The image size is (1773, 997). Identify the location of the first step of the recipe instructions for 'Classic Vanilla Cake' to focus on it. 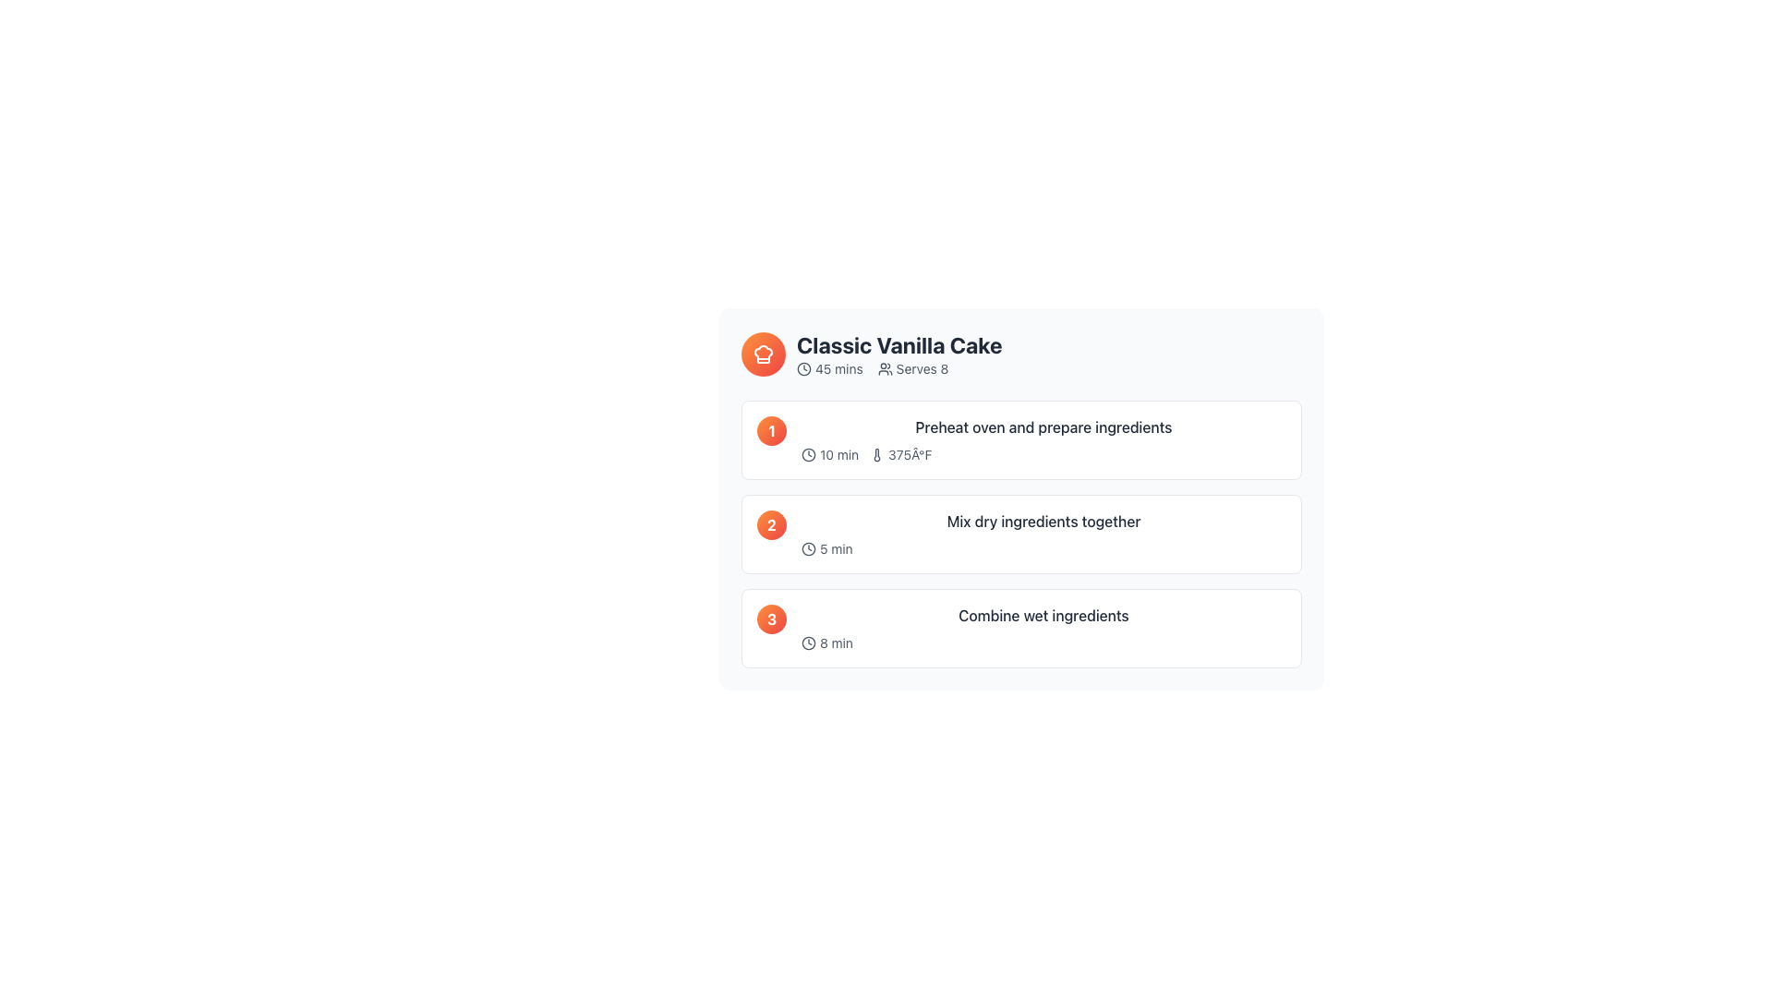
(1020, 440).